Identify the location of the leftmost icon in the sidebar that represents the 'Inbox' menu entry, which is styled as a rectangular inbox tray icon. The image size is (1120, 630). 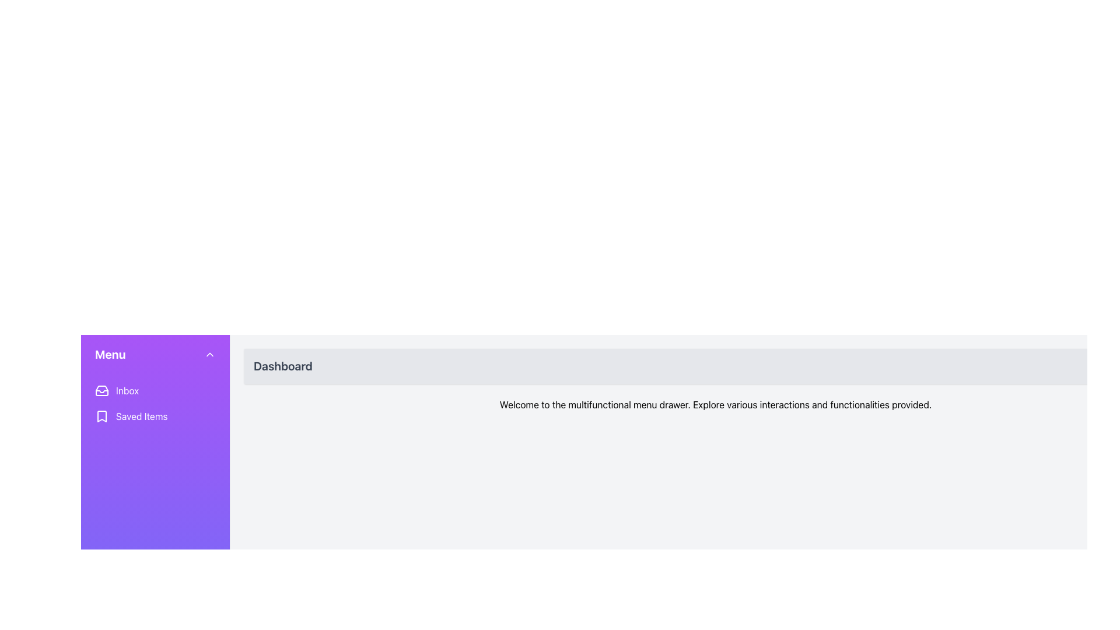
(101, 391).